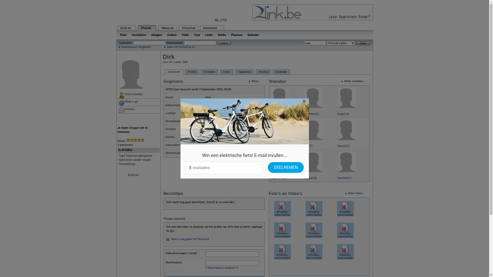 The height and width of the screenshot is (277, 493). What do you see at coordinates (224, 43) in the screenshot?
I see `'Log in'` at bounding box center [224, 43].